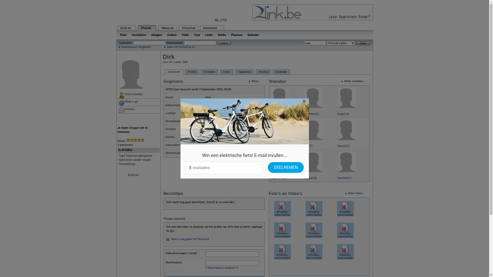 The height and width of the screenshot is (277, 493). What do you see at coordinates (224, 43) in the screenshot?
I see `'Log in'` at bounding box center [224, 43].